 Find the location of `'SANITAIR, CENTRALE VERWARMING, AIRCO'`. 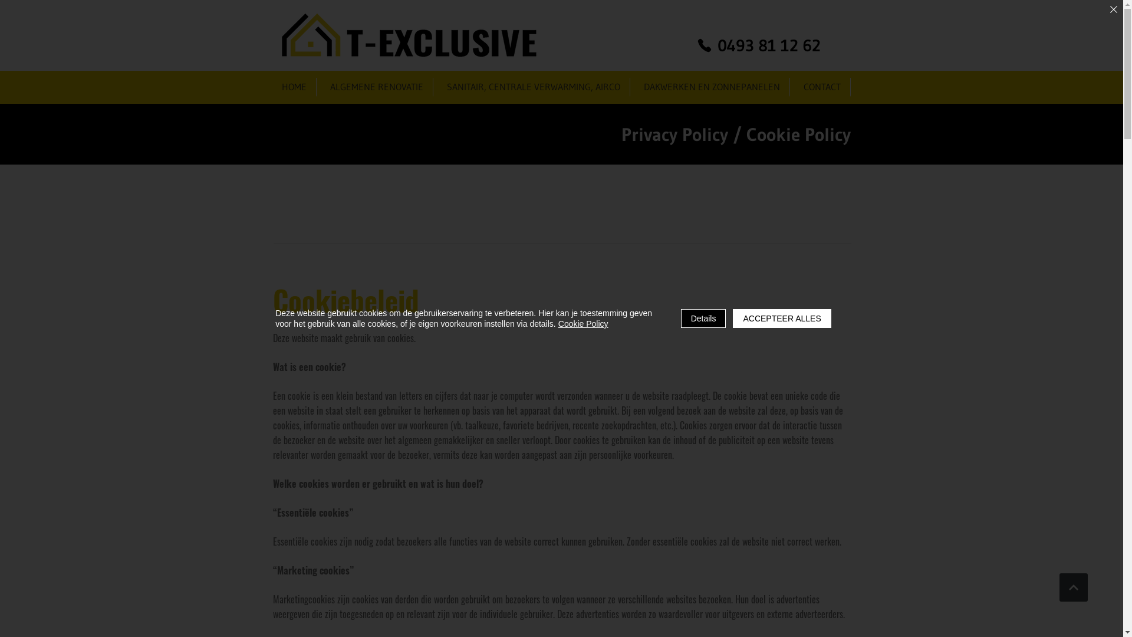

'SANITAIR, CENTRALE VERWARMING, AIRCO' is located at coordinates (533, 86).